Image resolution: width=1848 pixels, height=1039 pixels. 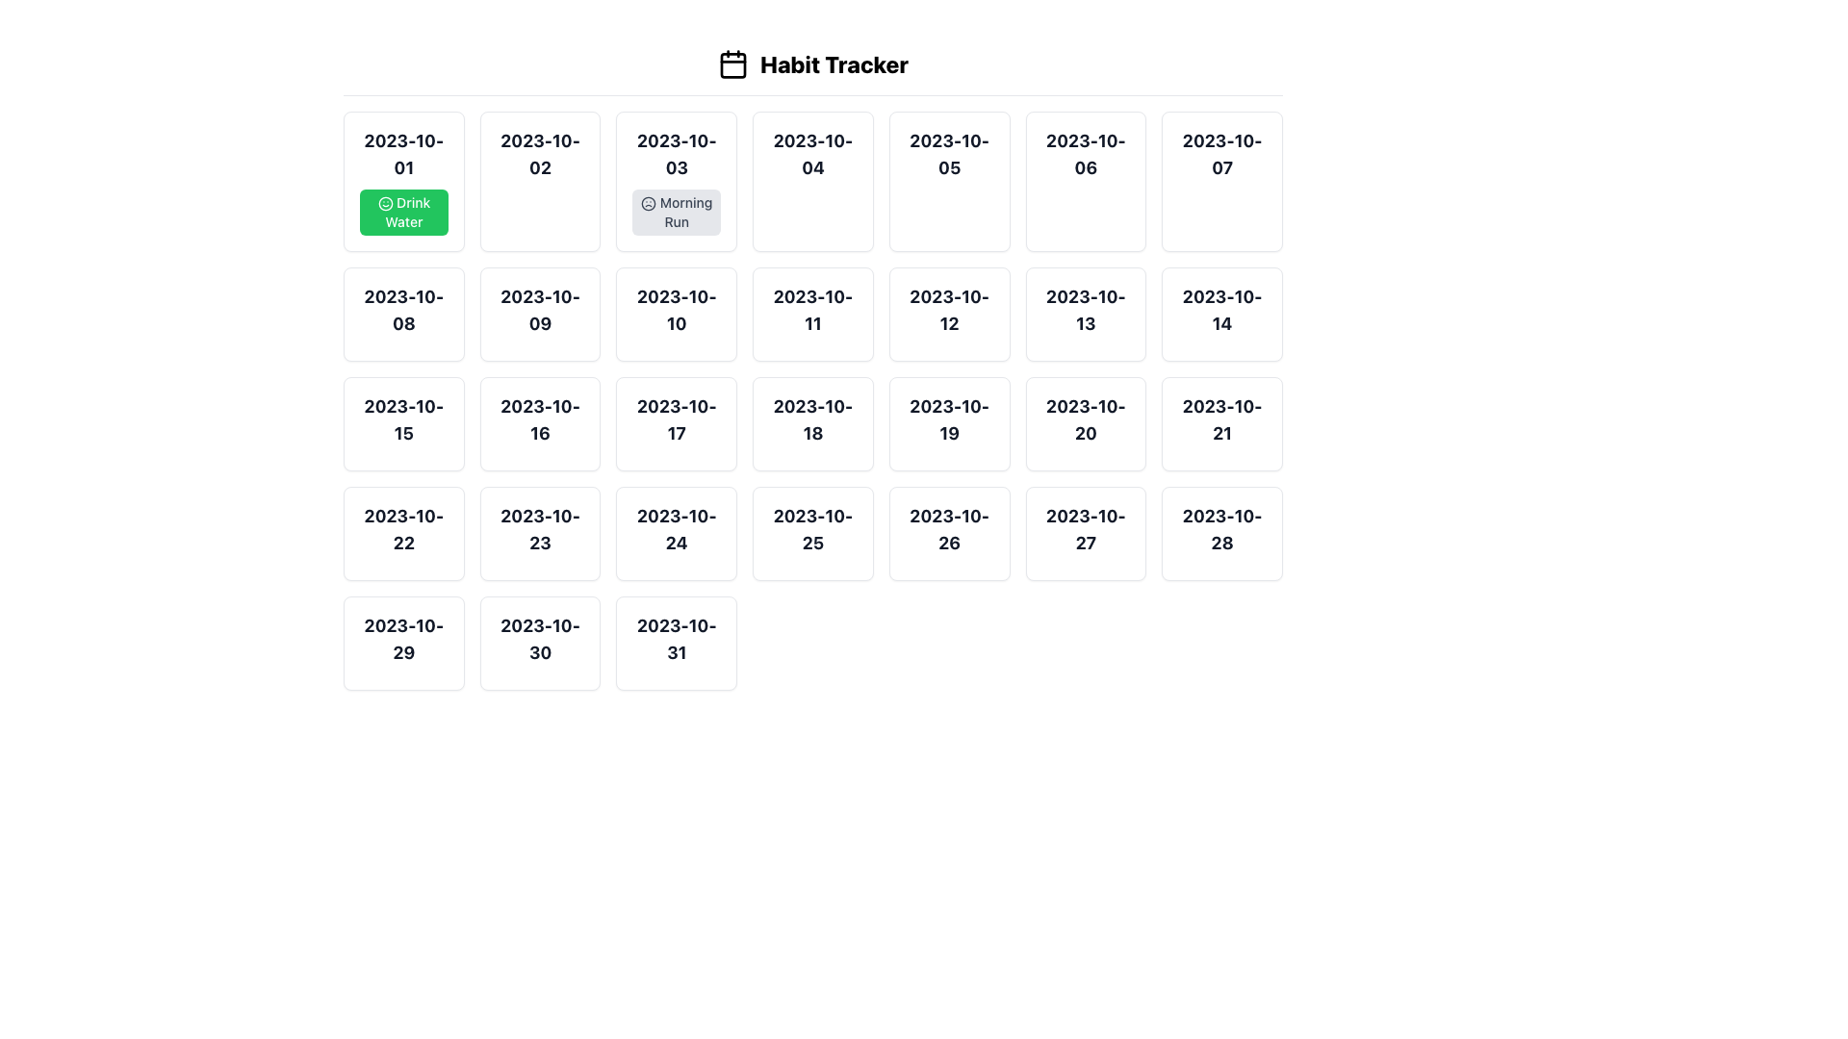 I want to click on the text label displaying '2023-10-12', which is bold and large, located in the third row and fifth column of the calendar grid layout, so click(x=949, y=310).